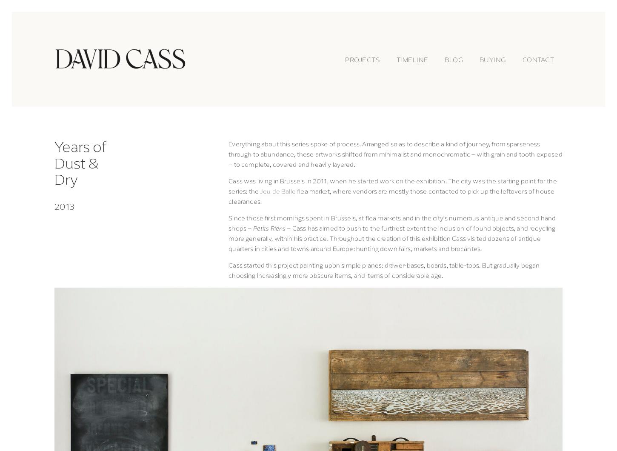 Image resolution: width=617 pixels, height=451 pixels. What do you see at coordinates (392, 186) in the screenshot?
I see `'Cass was living in Brussels in 2011, when he started work on the exhibition. The city was the starting point for the series: the'` at bounding box center [392, 186].